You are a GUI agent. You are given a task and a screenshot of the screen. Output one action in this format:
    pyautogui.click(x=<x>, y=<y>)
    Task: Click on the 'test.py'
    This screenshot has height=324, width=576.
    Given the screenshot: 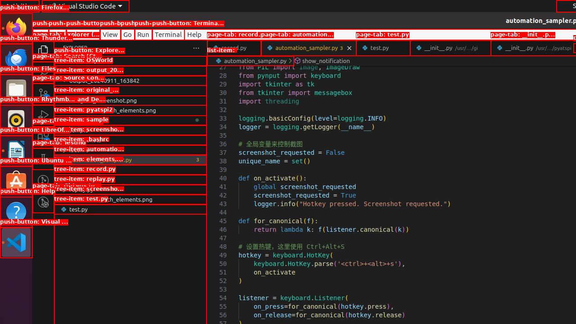 What is the action you would take?
    pyautogui.click(x=383, y=48)
    